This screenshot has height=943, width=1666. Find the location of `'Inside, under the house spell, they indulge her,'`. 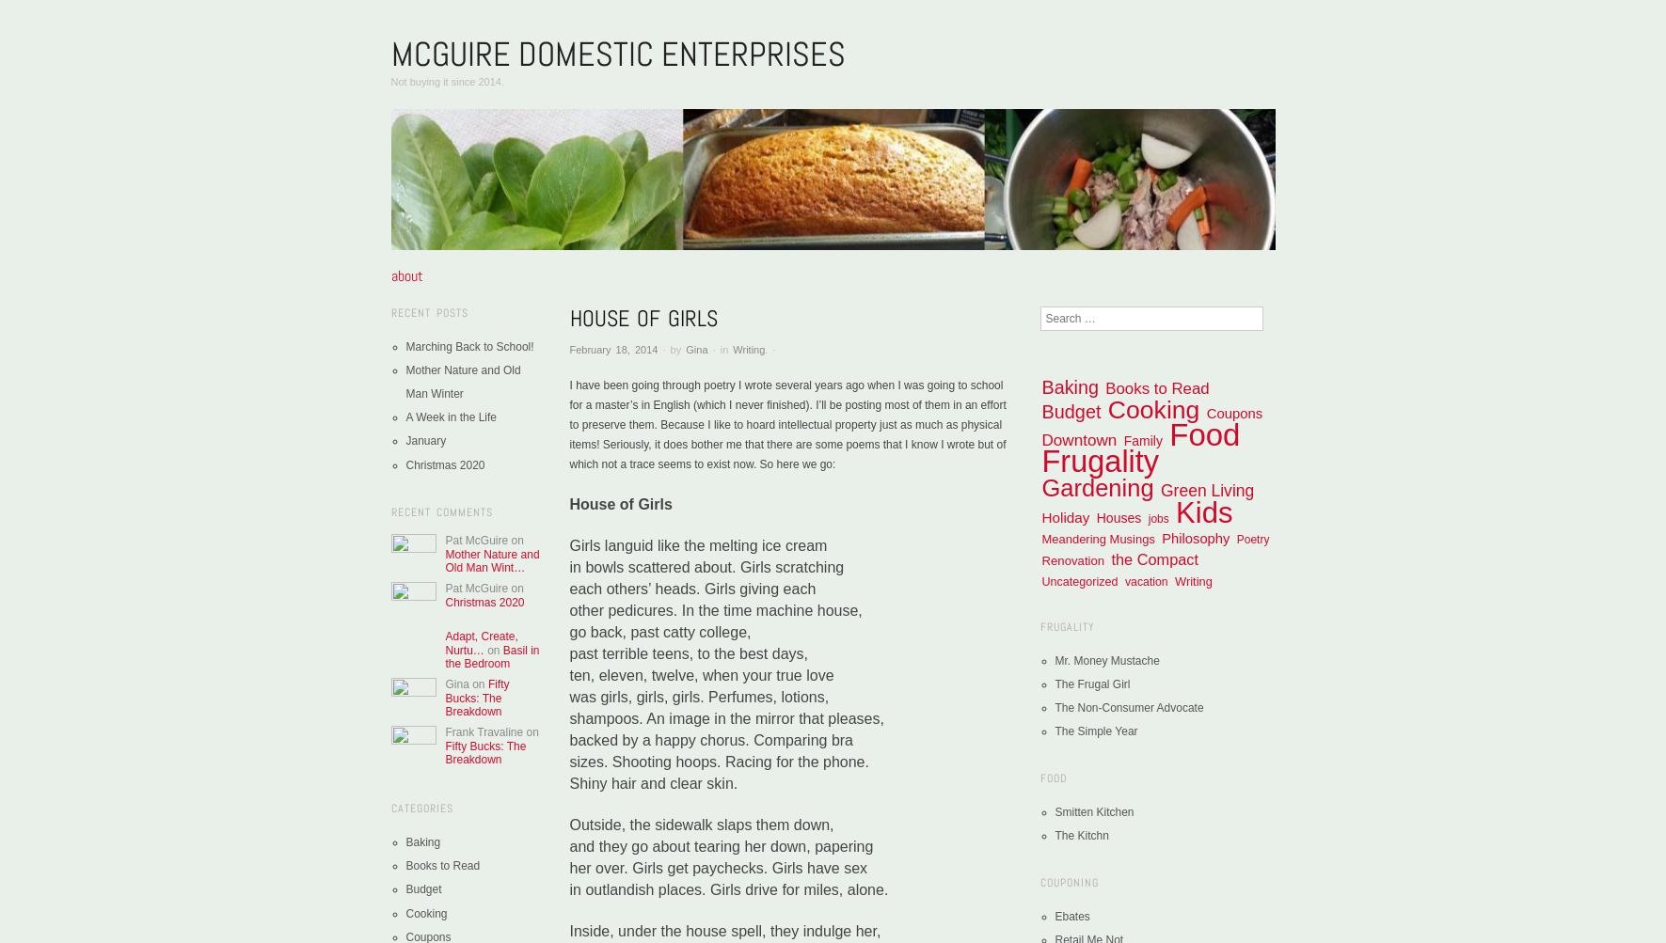

'Inside, under the house spell, they indulge her,' is located at coordinates (723, 930).